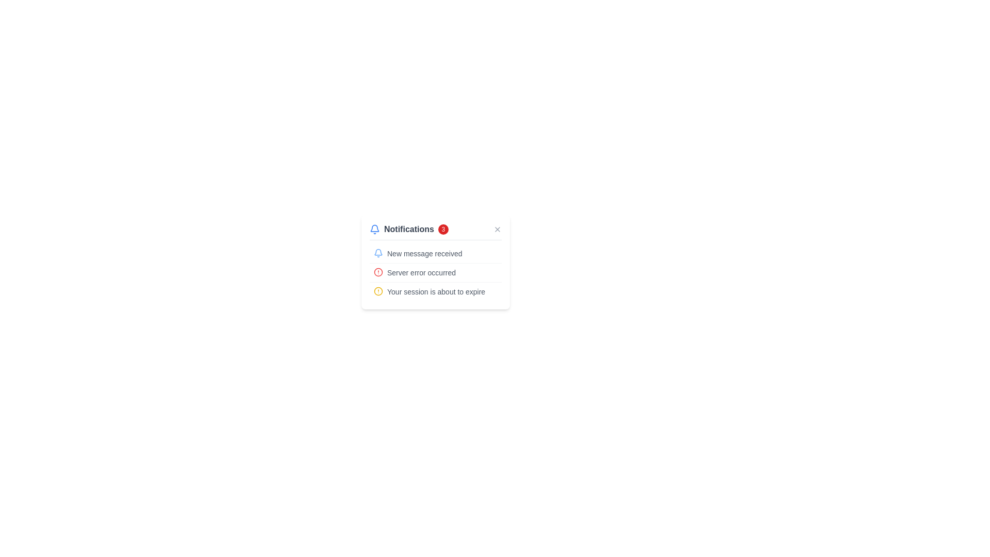  Describe the element at coordinates (435, 231) in the screenshot. I see `the bell icon in the notifications header section` at that location.